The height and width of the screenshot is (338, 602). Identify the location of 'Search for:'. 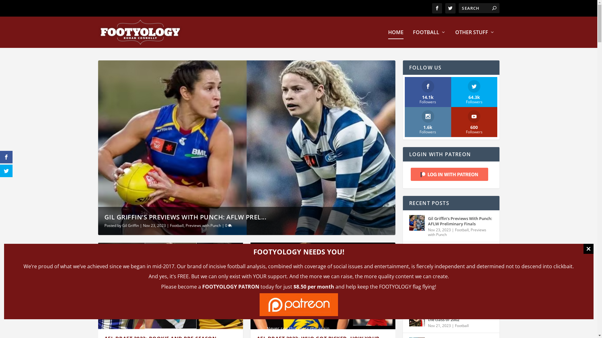
(478, 8).